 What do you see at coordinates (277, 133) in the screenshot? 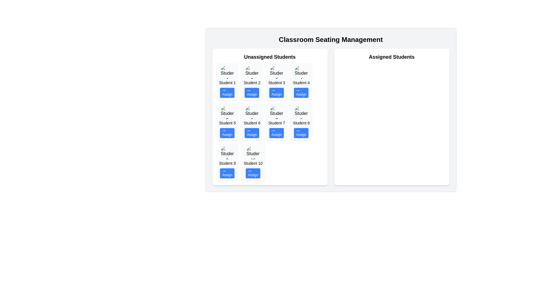
I see `the button for 'Student 7' located in the bottom part of the card in the third row of the grid layout under 'Unassigned Students'` at bounding box center [277, 133].